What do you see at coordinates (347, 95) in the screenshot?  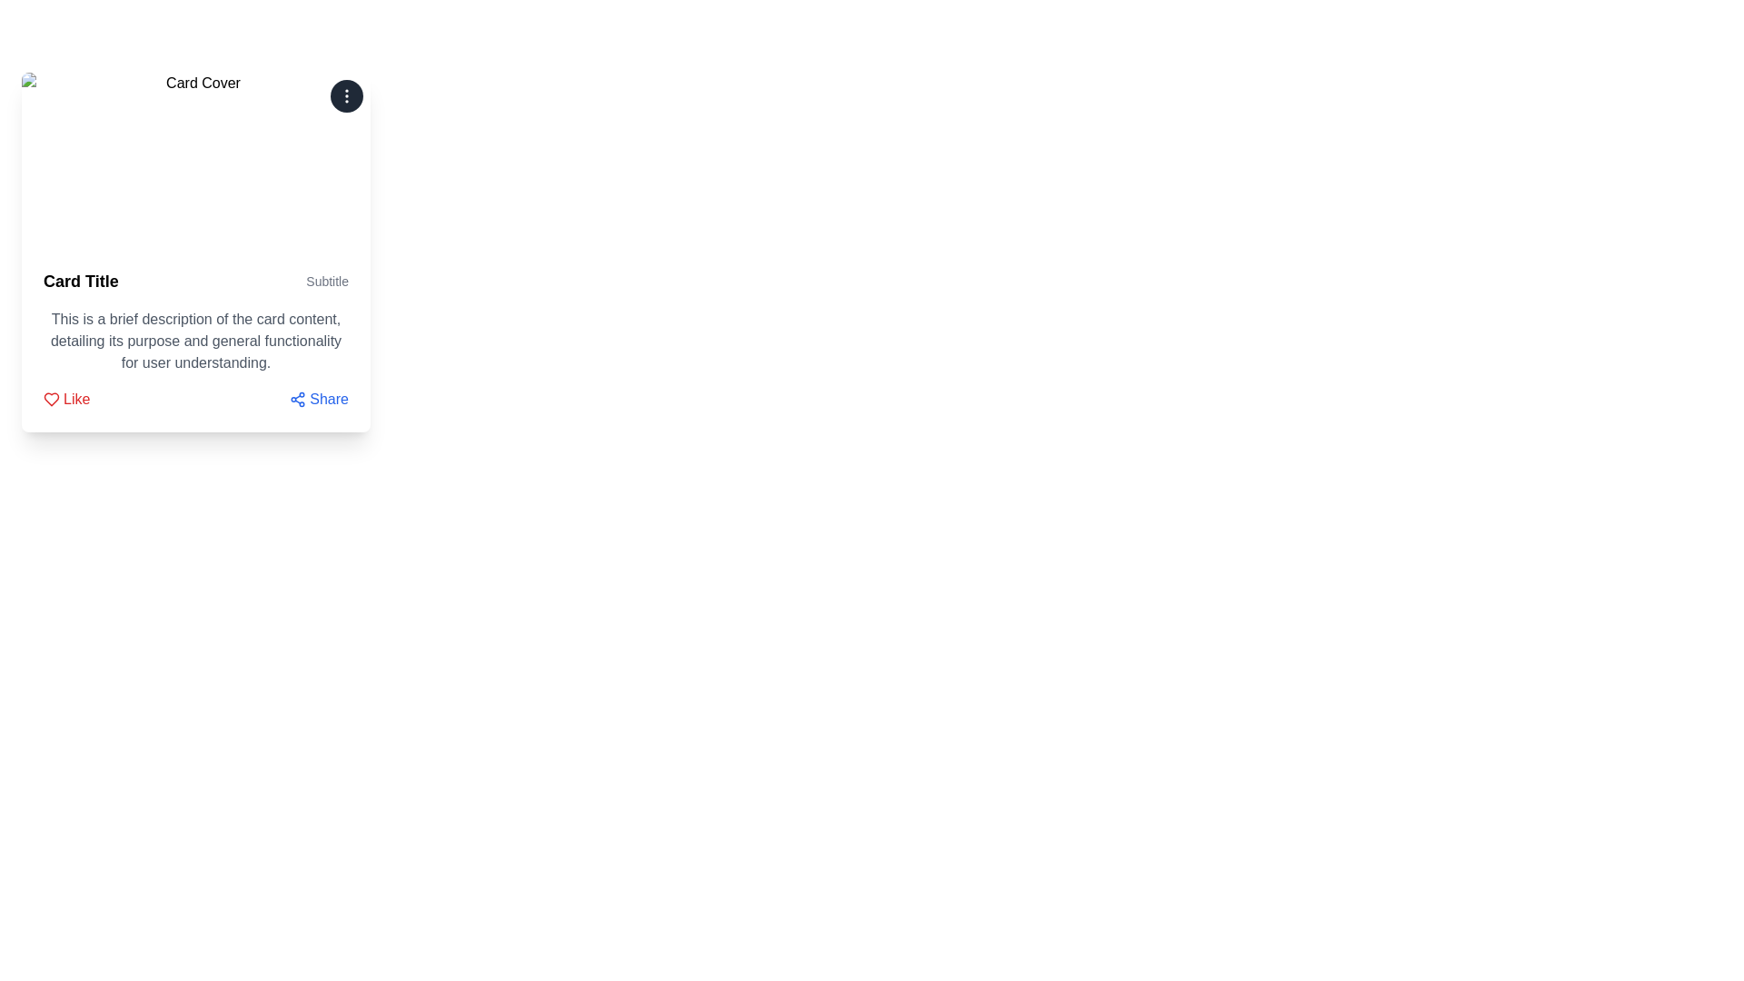 I see `the circular button with three vertically aligned dots located at the top-right corner of the content card` at bounding box center [347, 95].